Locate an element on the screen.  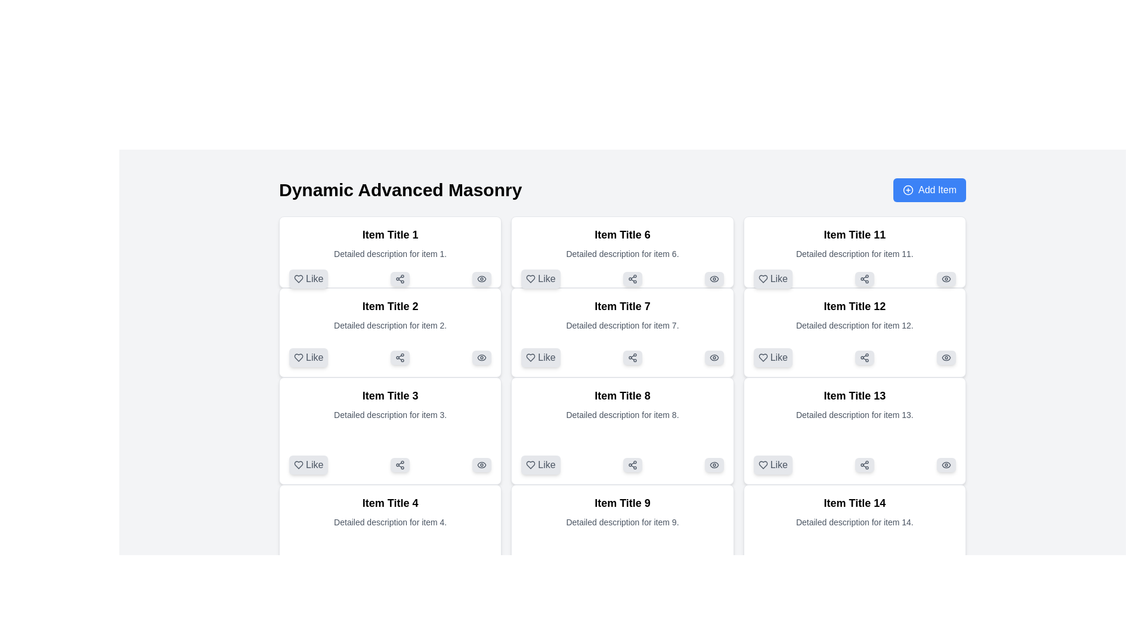
the small rounded gray button with an eye icon located in the card titled 'Item Title 12' is located at coordinates (946, 357).